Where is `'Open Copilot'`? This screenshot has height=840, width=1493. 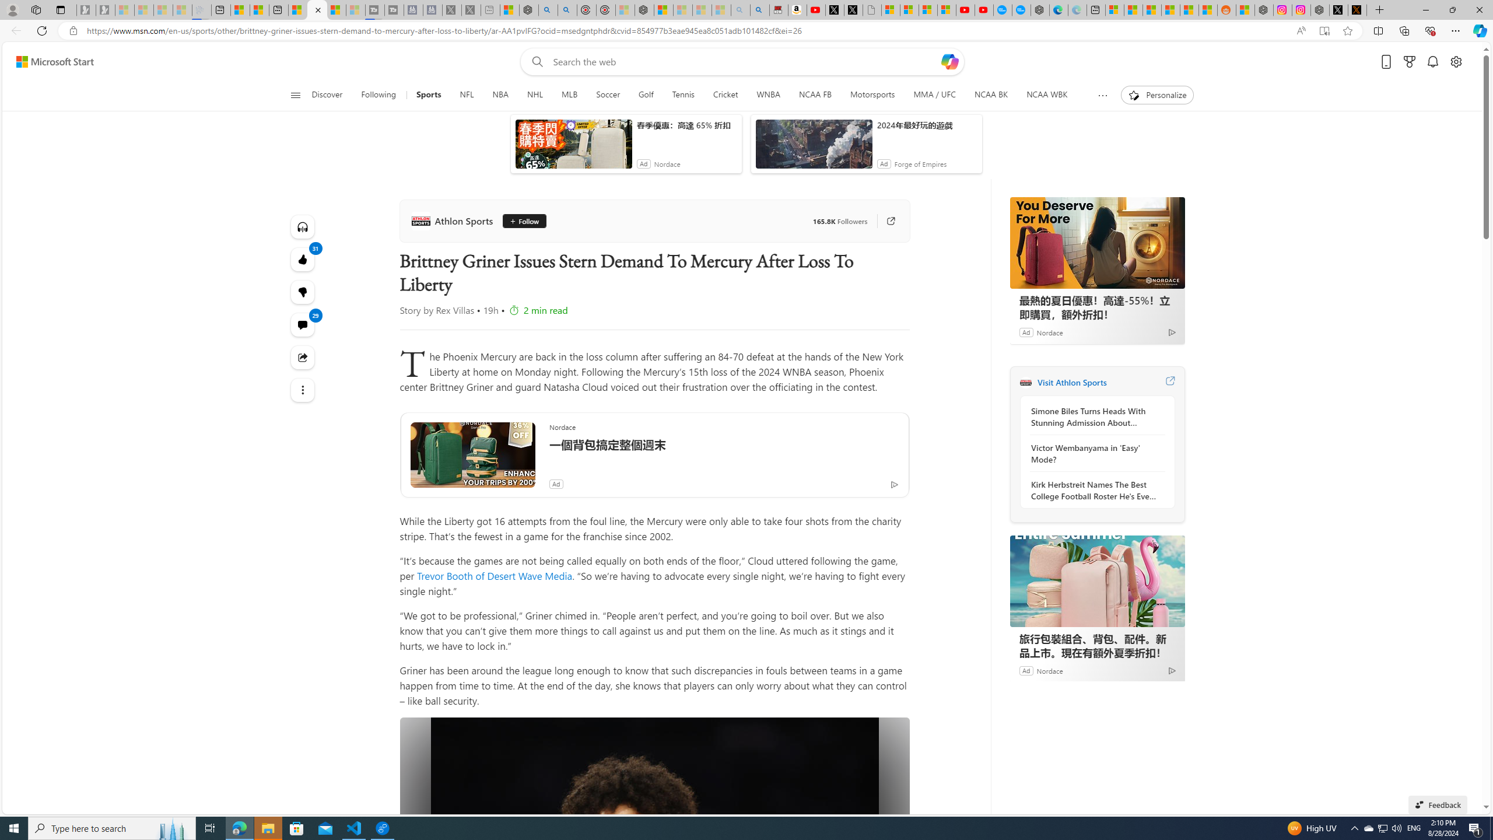 'Open Copilot' is located at coordinates (949, 61).